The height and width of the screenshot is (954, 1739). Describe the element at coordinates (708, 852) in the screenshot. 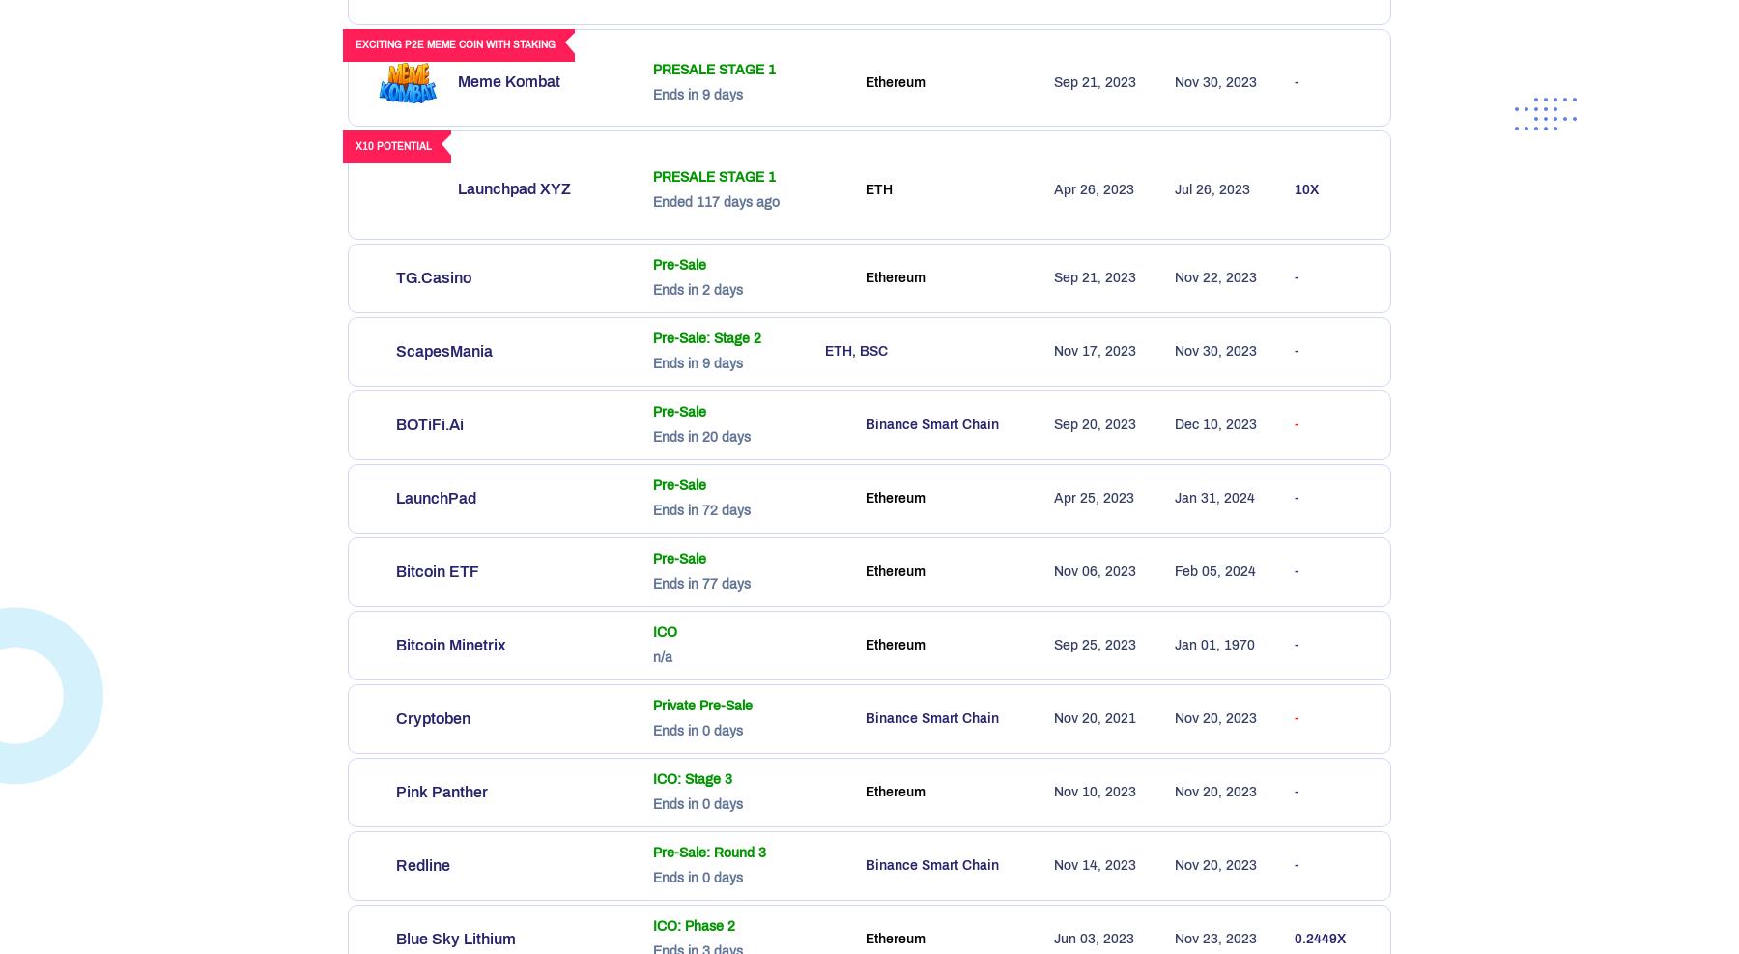

I see `'Pre-Sale: Round 3'` at that location.